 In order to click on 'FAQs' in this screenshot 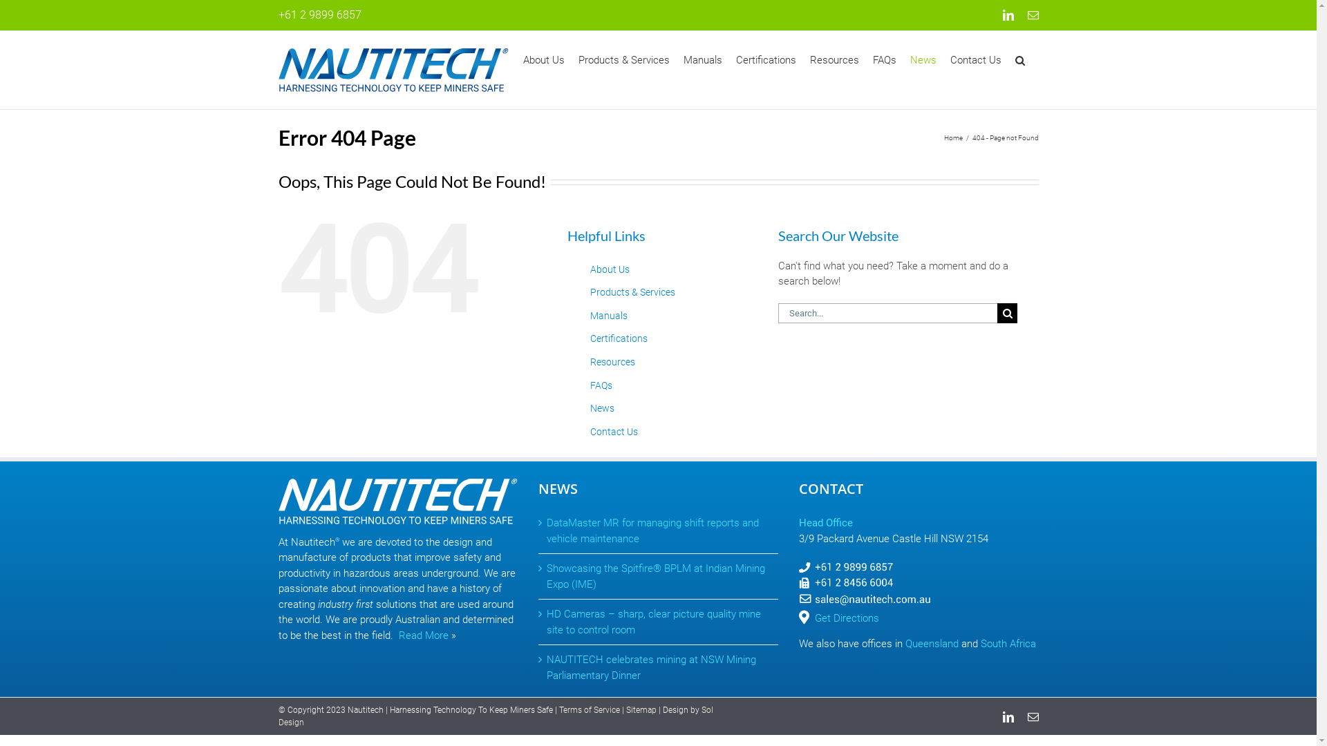, I will do `click(883, 59)`.